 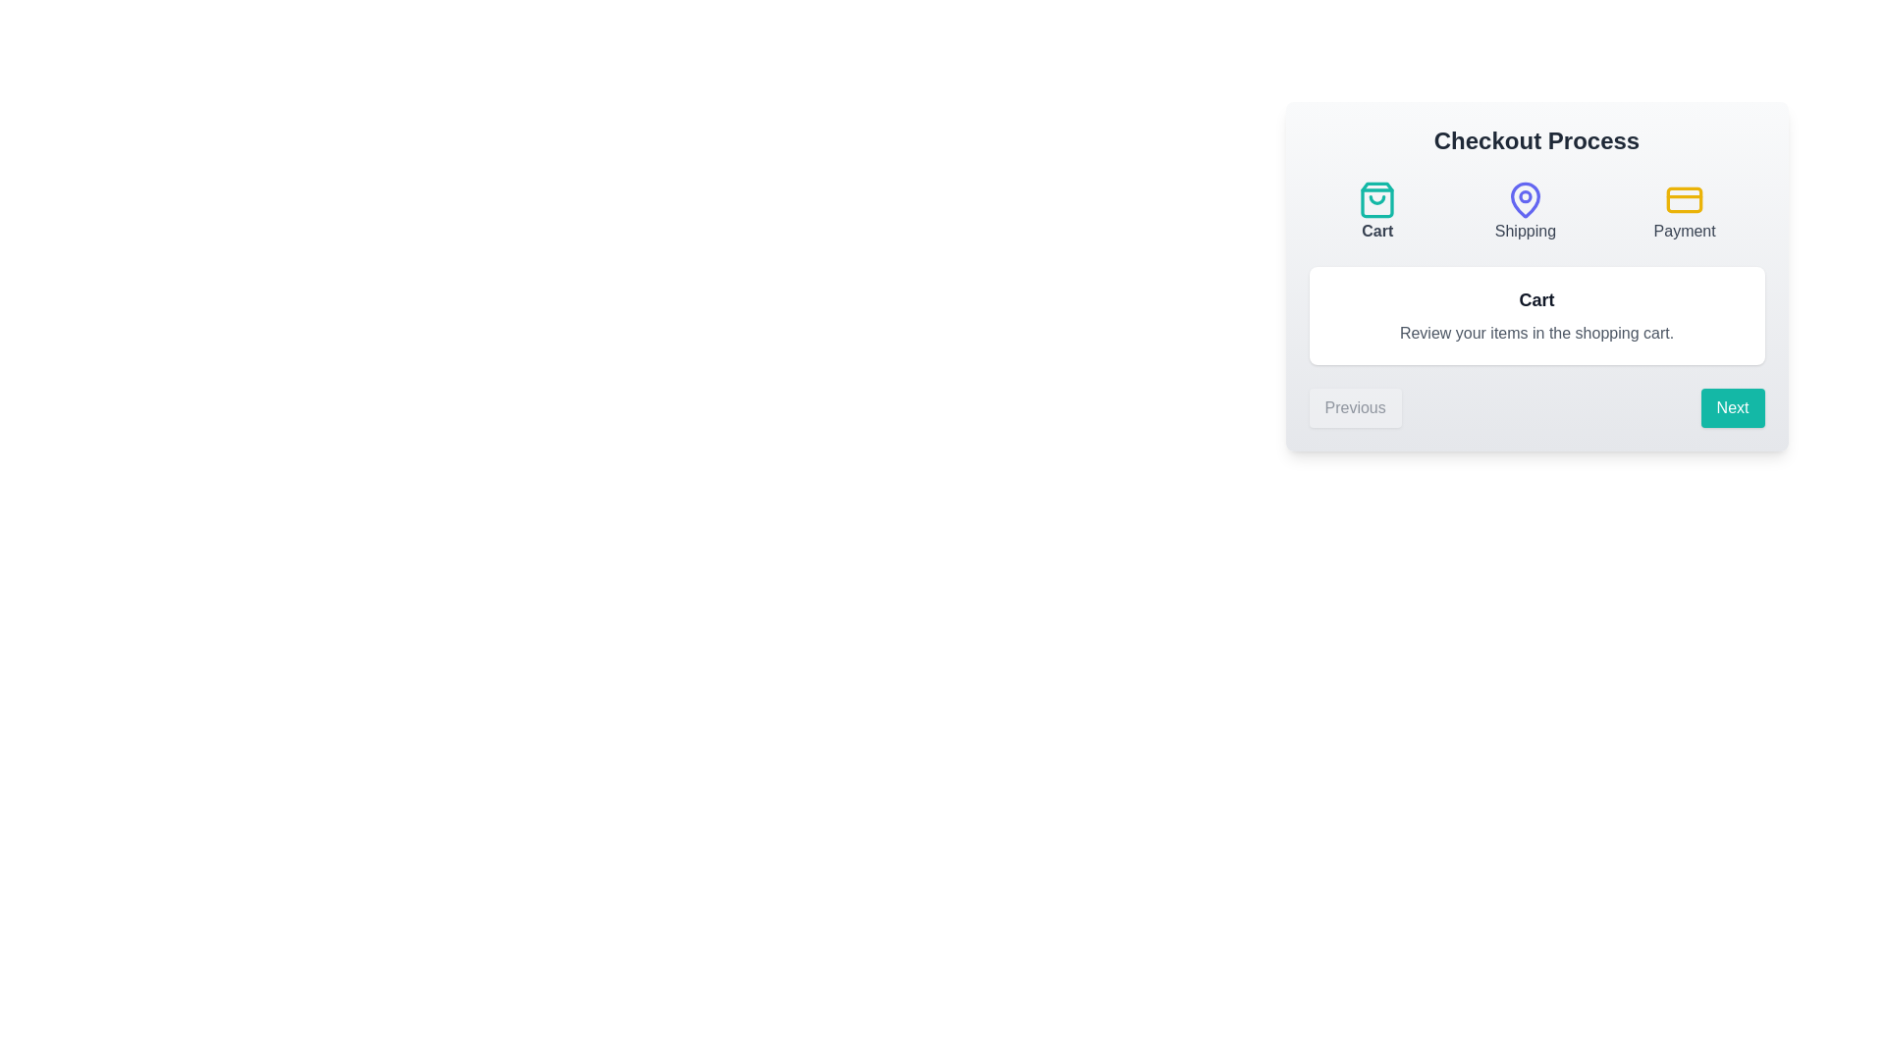 I want to click on the step icon for Shipping to inspect its color and style, so click(x=1524, y=212).